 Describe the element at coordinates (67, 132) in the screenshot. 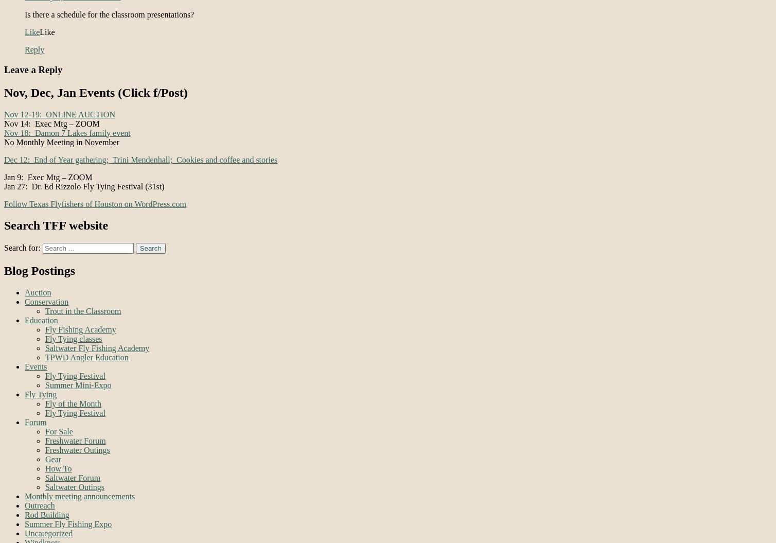

I see `'Nov 18:  Damon 7 Lakes family event'` at that location.